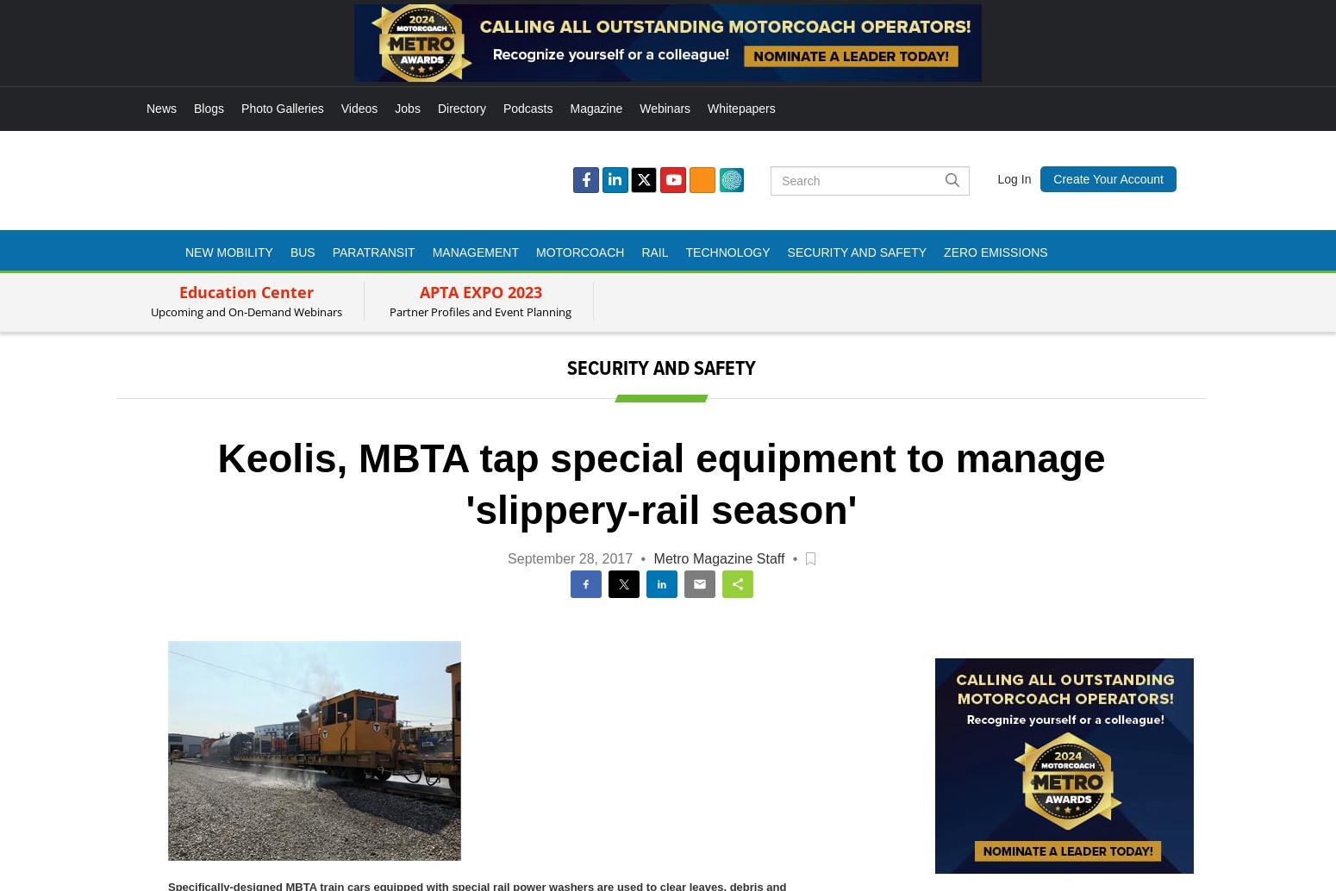 The width and height of the screenshot is (1336, 891). Describe the element at coordinates (578, 251) in the screenshot. I see `'Motorcoach'` at that location.